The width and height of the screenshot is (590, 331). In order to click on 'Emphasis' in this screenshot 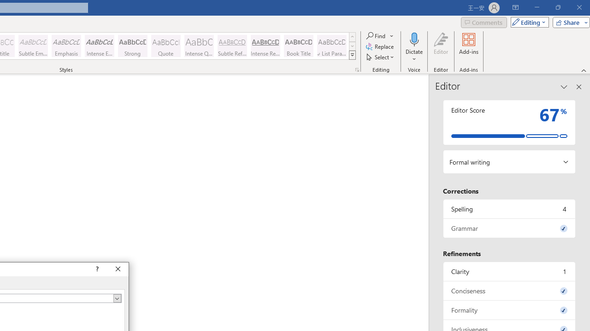, I will do `click(66, 46)`.